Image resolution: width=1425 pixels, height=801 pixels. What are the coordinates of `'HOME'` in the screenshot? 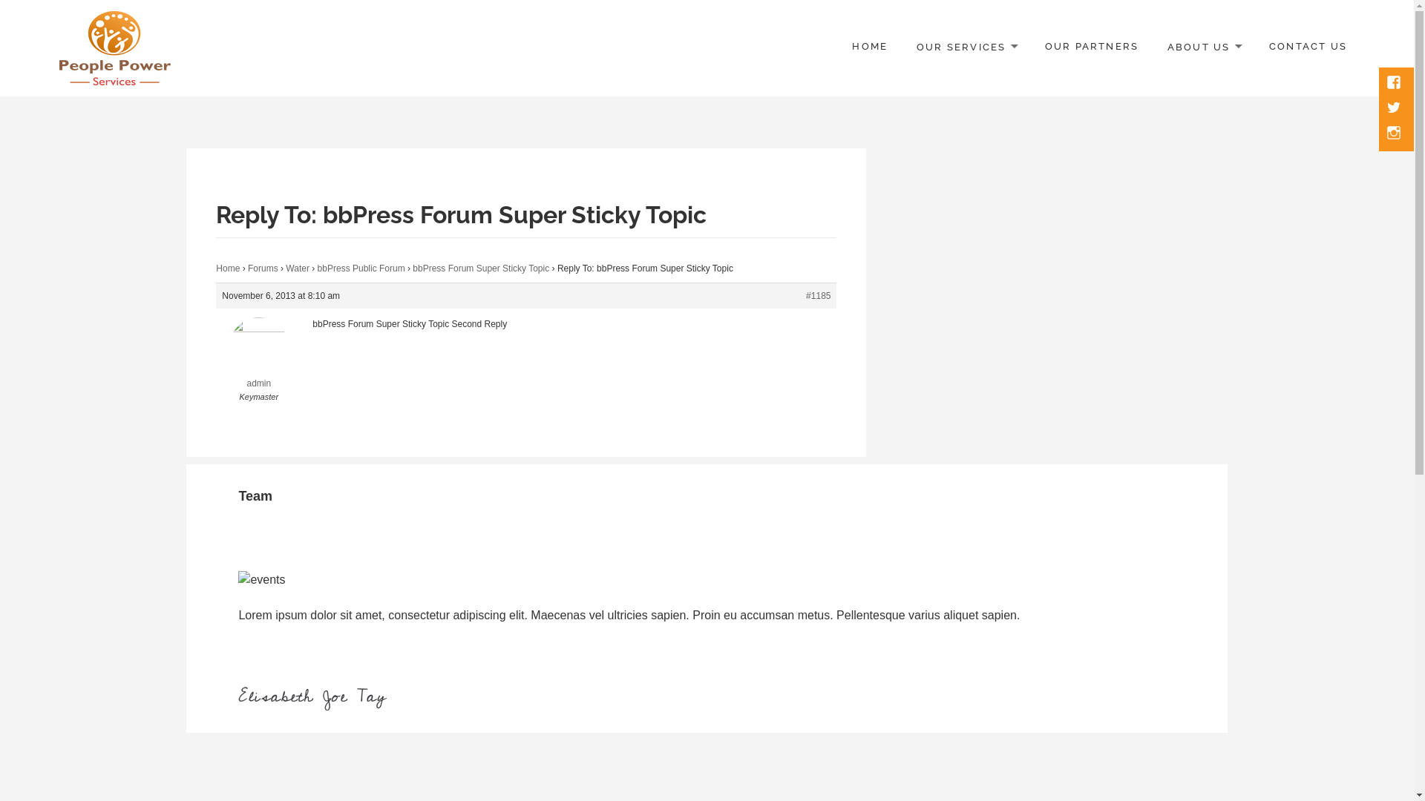 It's located at (869, 47).